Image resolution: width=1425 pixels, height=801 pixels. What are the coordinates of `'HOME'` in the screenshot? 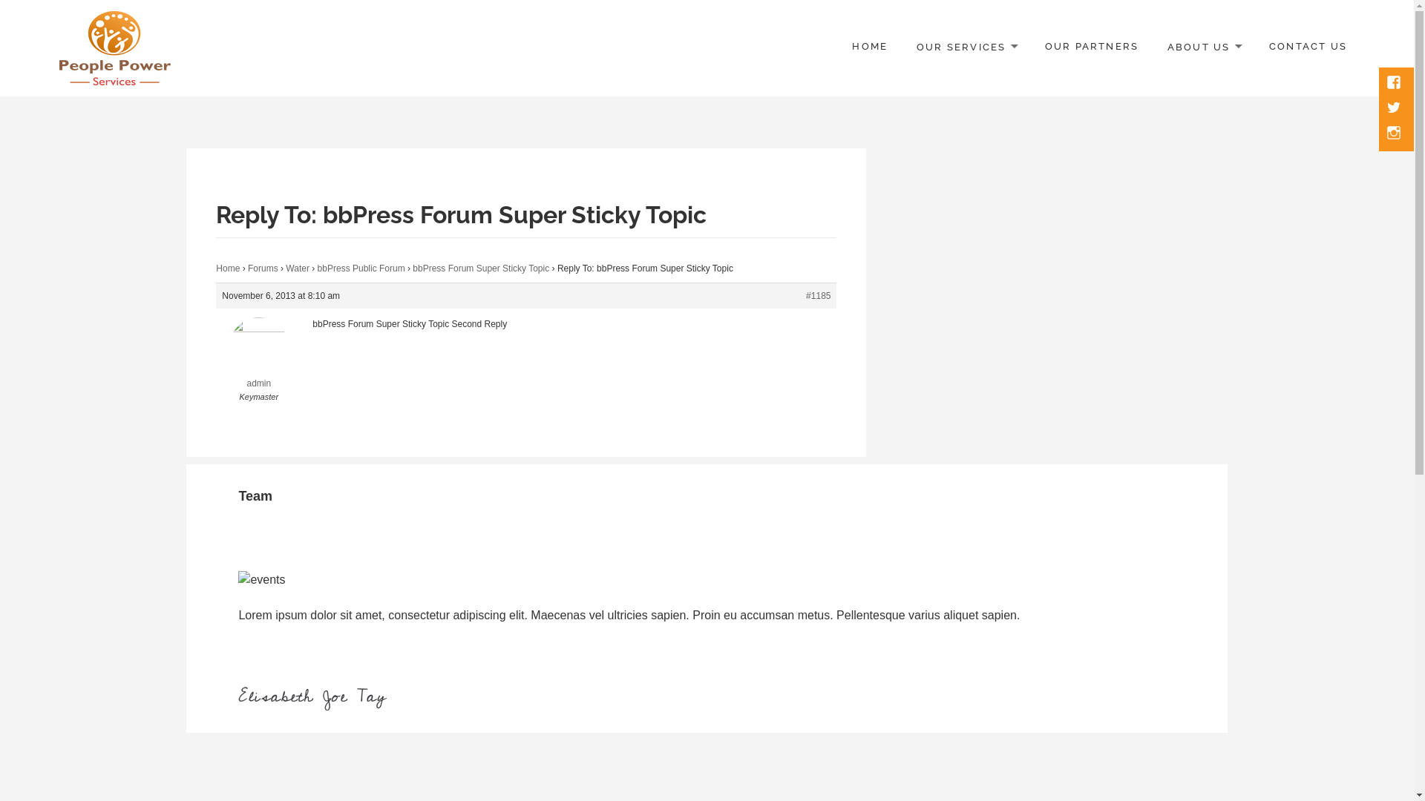 It's located at (869, 47).